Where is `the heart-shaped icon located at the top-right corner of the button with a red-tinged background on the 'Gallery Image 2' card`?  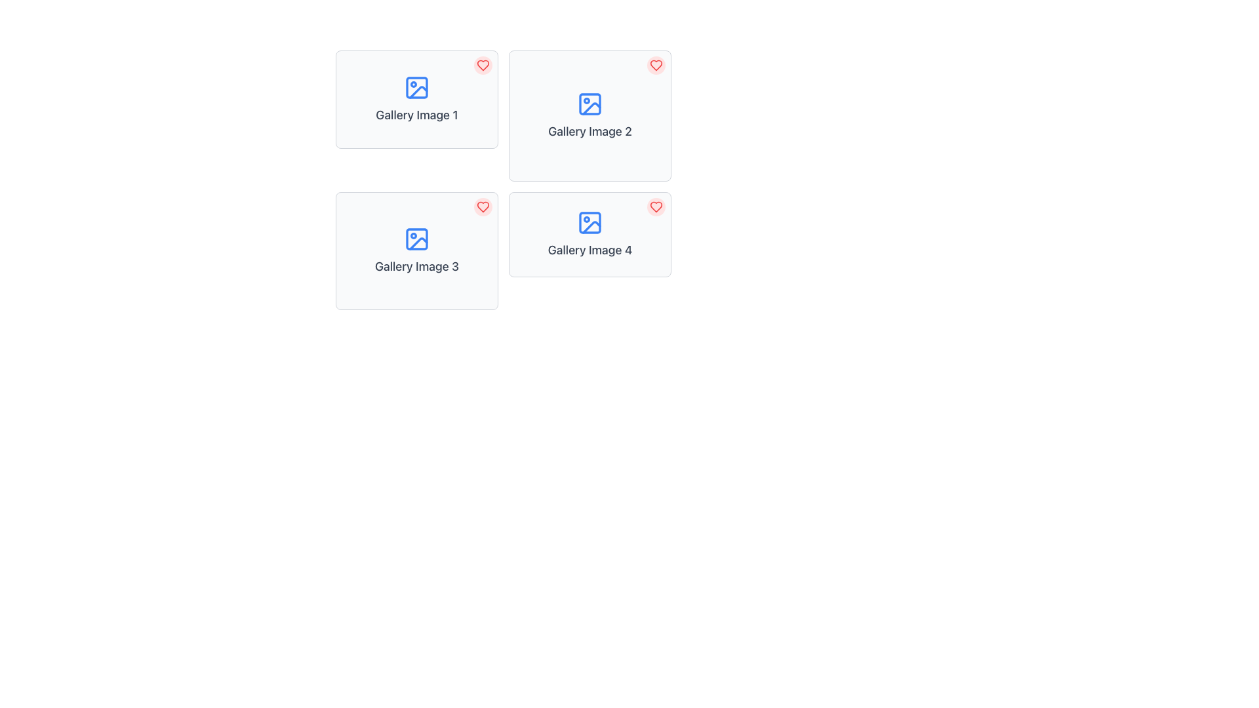 the heart-shaped icon located at the top-right corner of the button with a red-tinged background on the 'Gallery Image 2' card is located at coordinates (656, 66).